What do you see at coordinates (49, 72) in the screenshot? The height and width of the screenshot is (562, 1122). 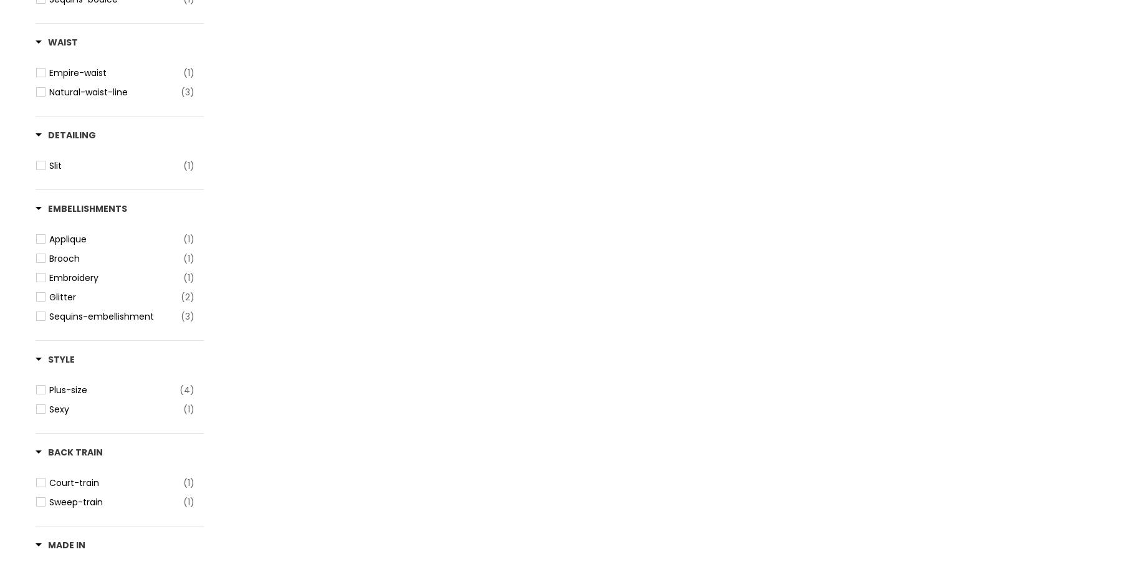 I see `'Empire-waist'` at bounding box center [49, 72].